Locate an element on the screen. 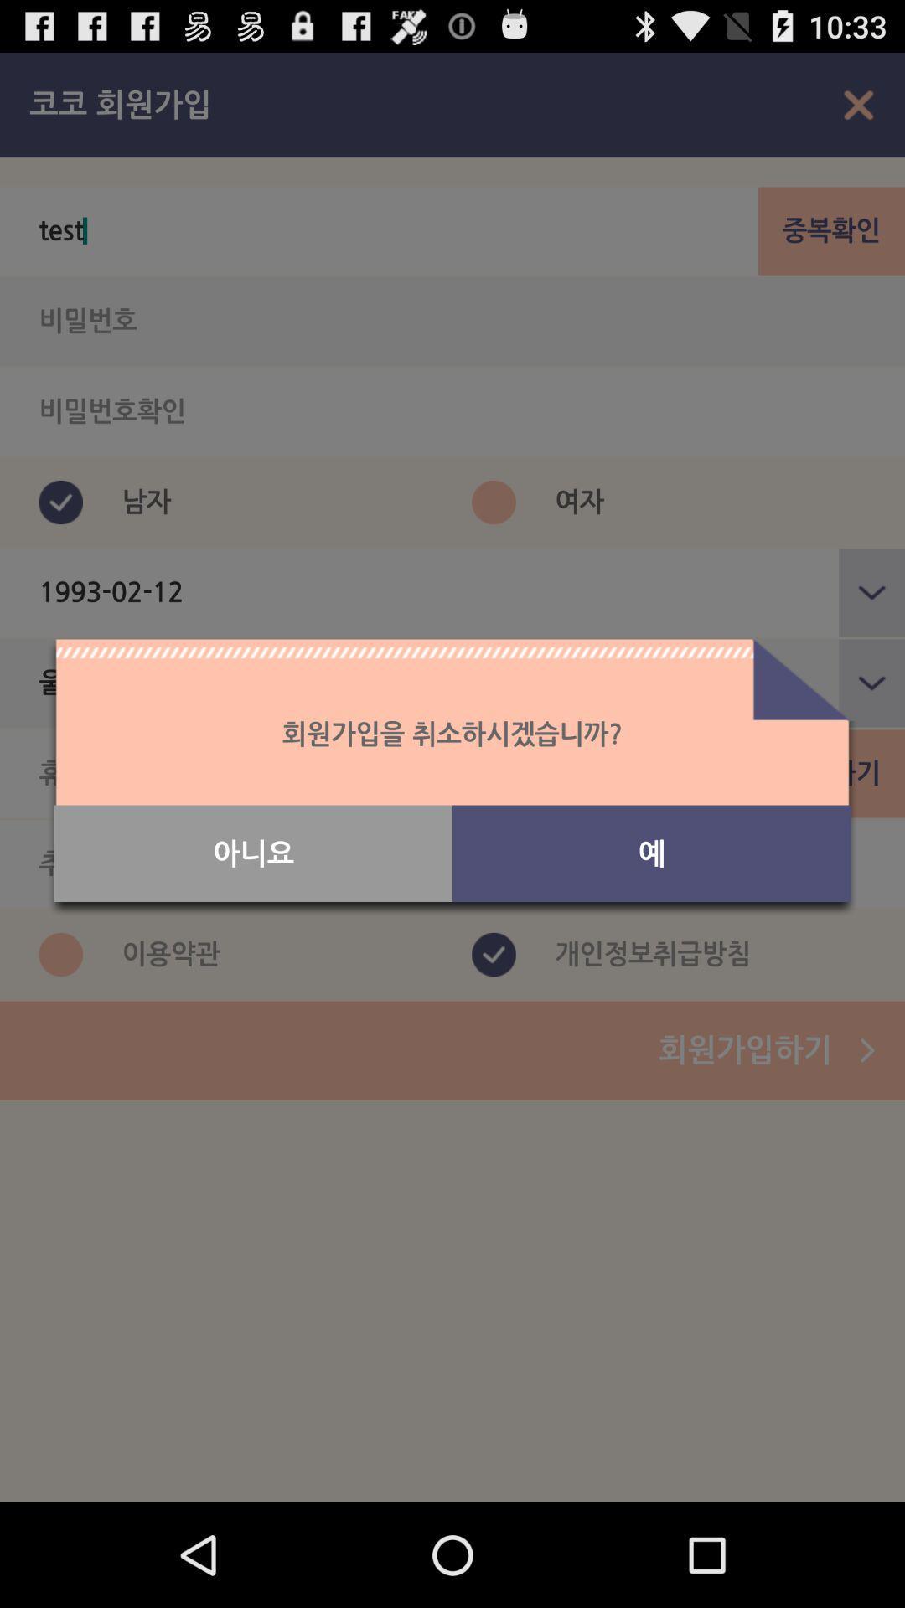  the item on the right is located at coordinates (650, 853).